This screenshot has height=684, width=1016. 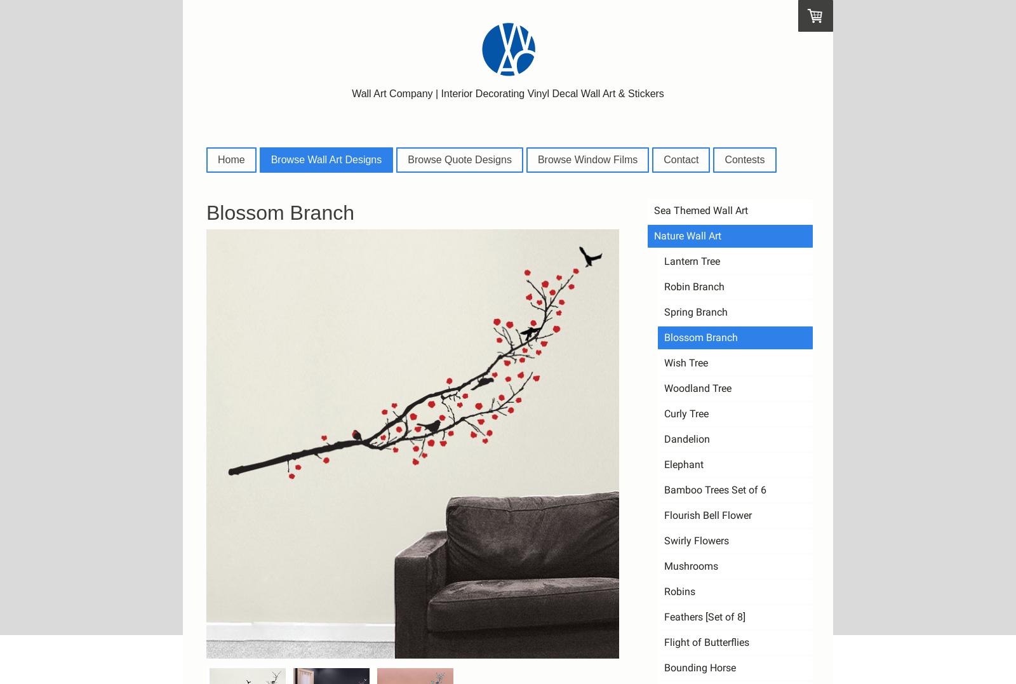 I want to click on 'Woodland Tree', so click(x=698, y=387).